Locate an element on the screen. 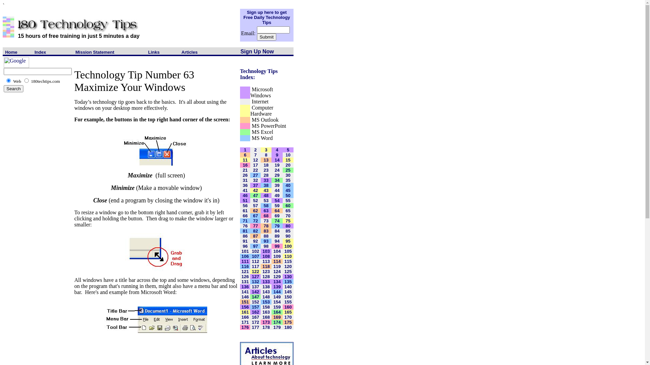 The width and height of the screenshot is (650, 365). '79' is located at coordinates (277, 226).